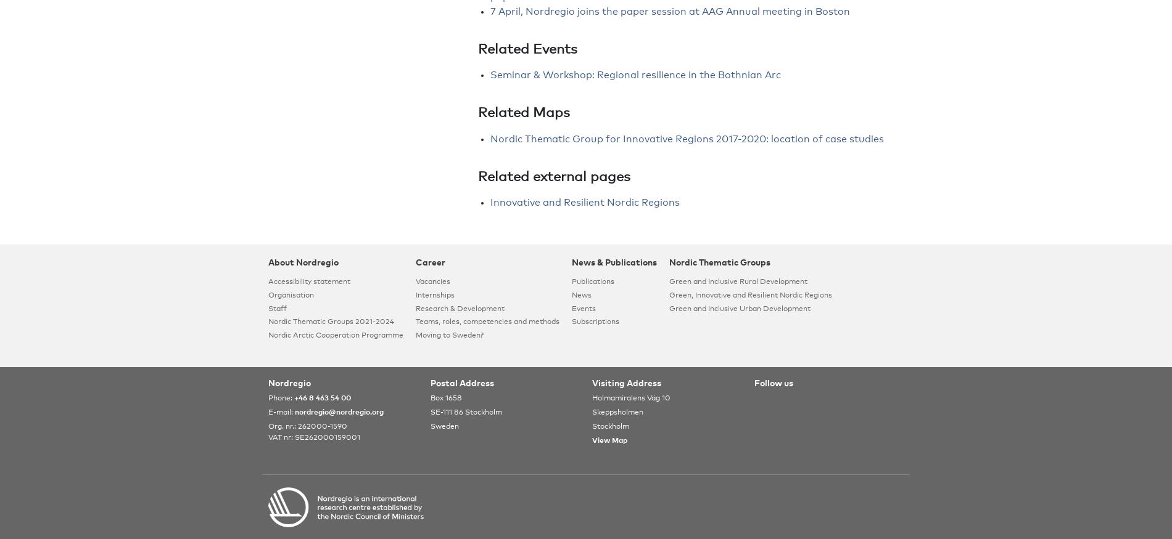  Describe the element at coordinates (289, 384) in the screenshot. I see `'Nordregio'` at that location.